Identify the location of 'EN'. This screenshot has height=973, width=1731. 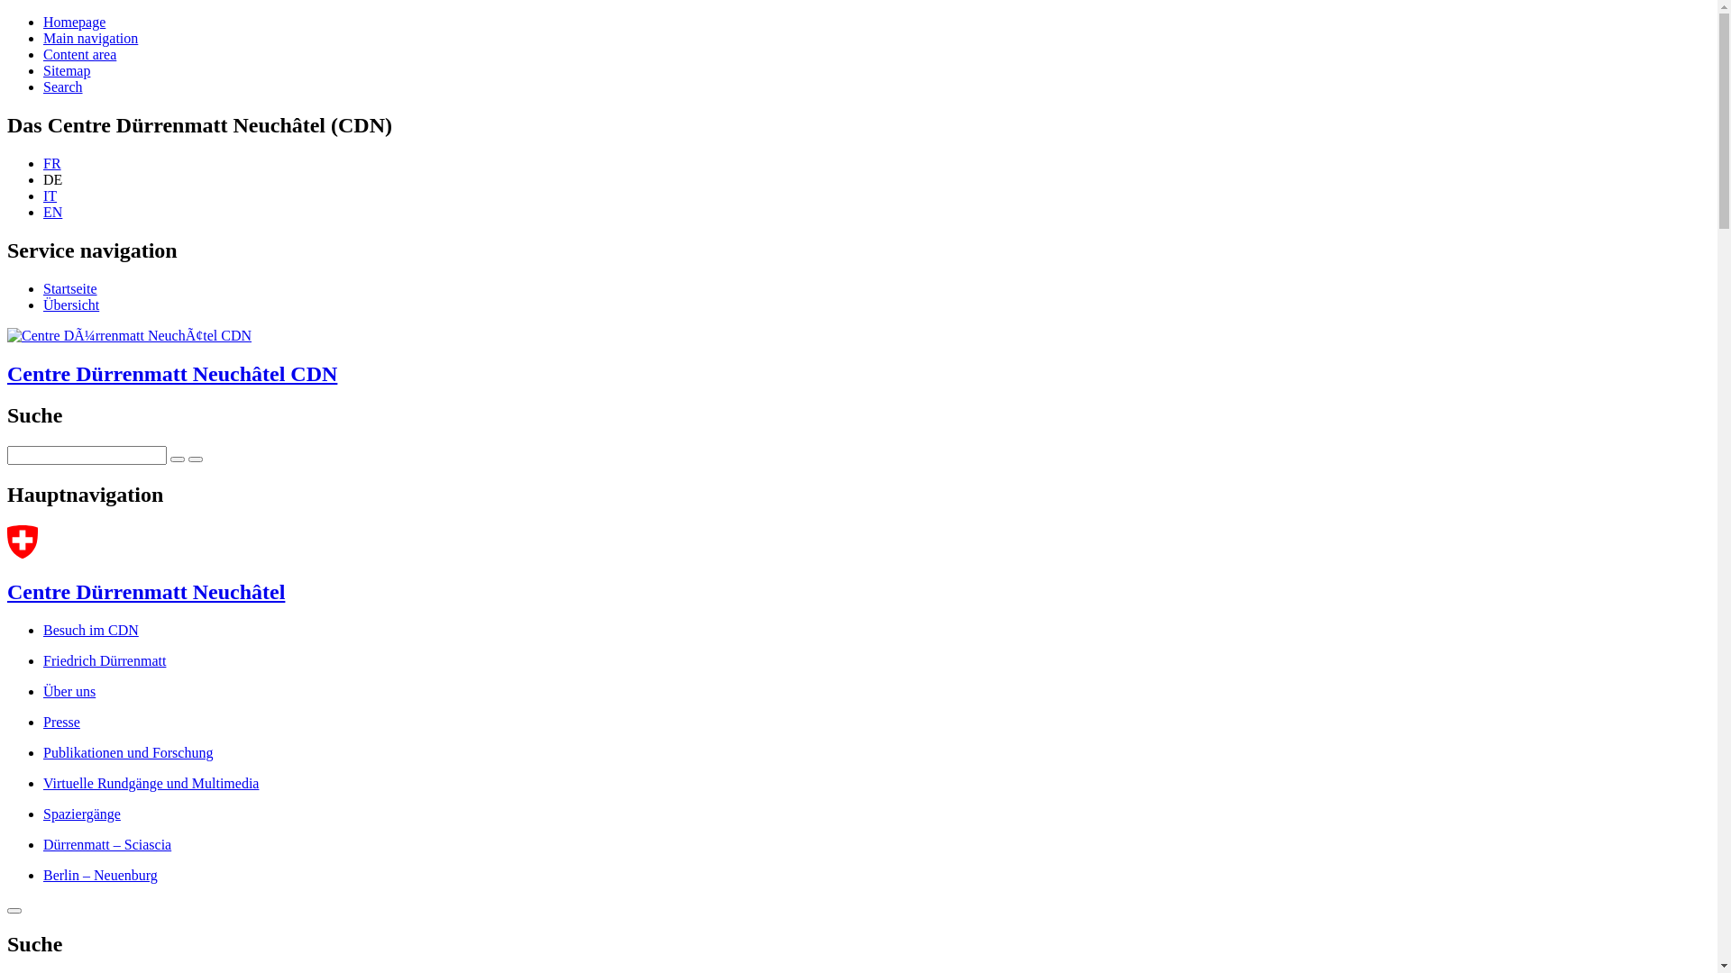
(52, 211).